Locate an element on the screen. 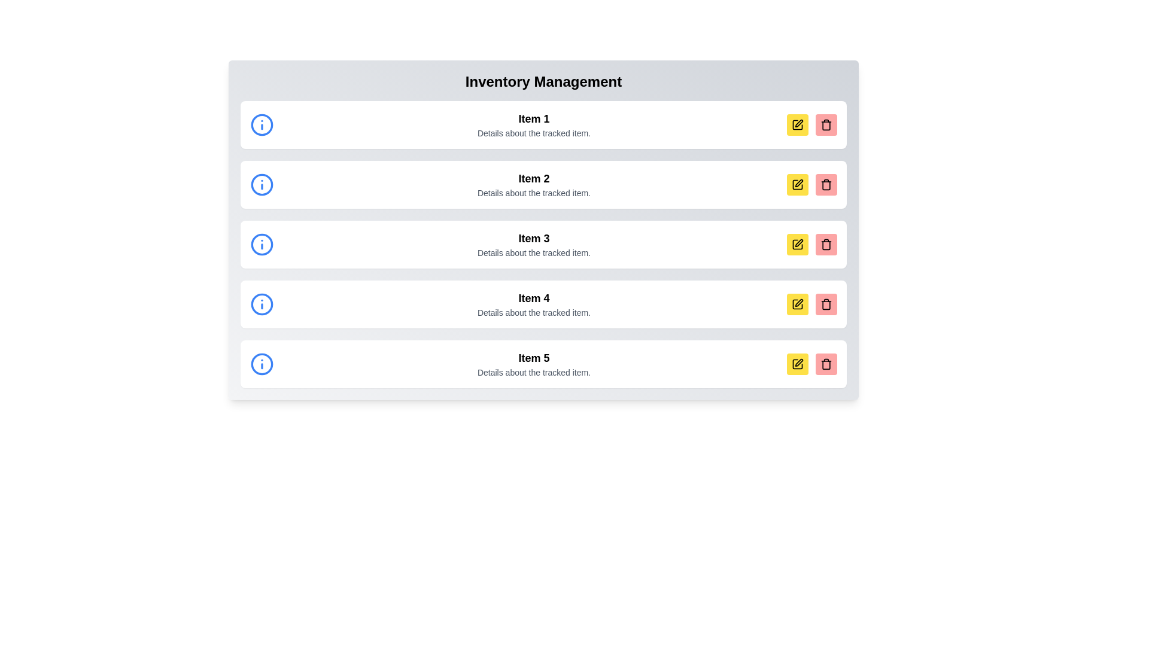 The width and height of the screenshot is (1149, 646). the delete button with a red background and trashcan icon located in the grouped action buttons next to 'Item 2 - Details about the tracked item' is located at coordinates (812, 184).